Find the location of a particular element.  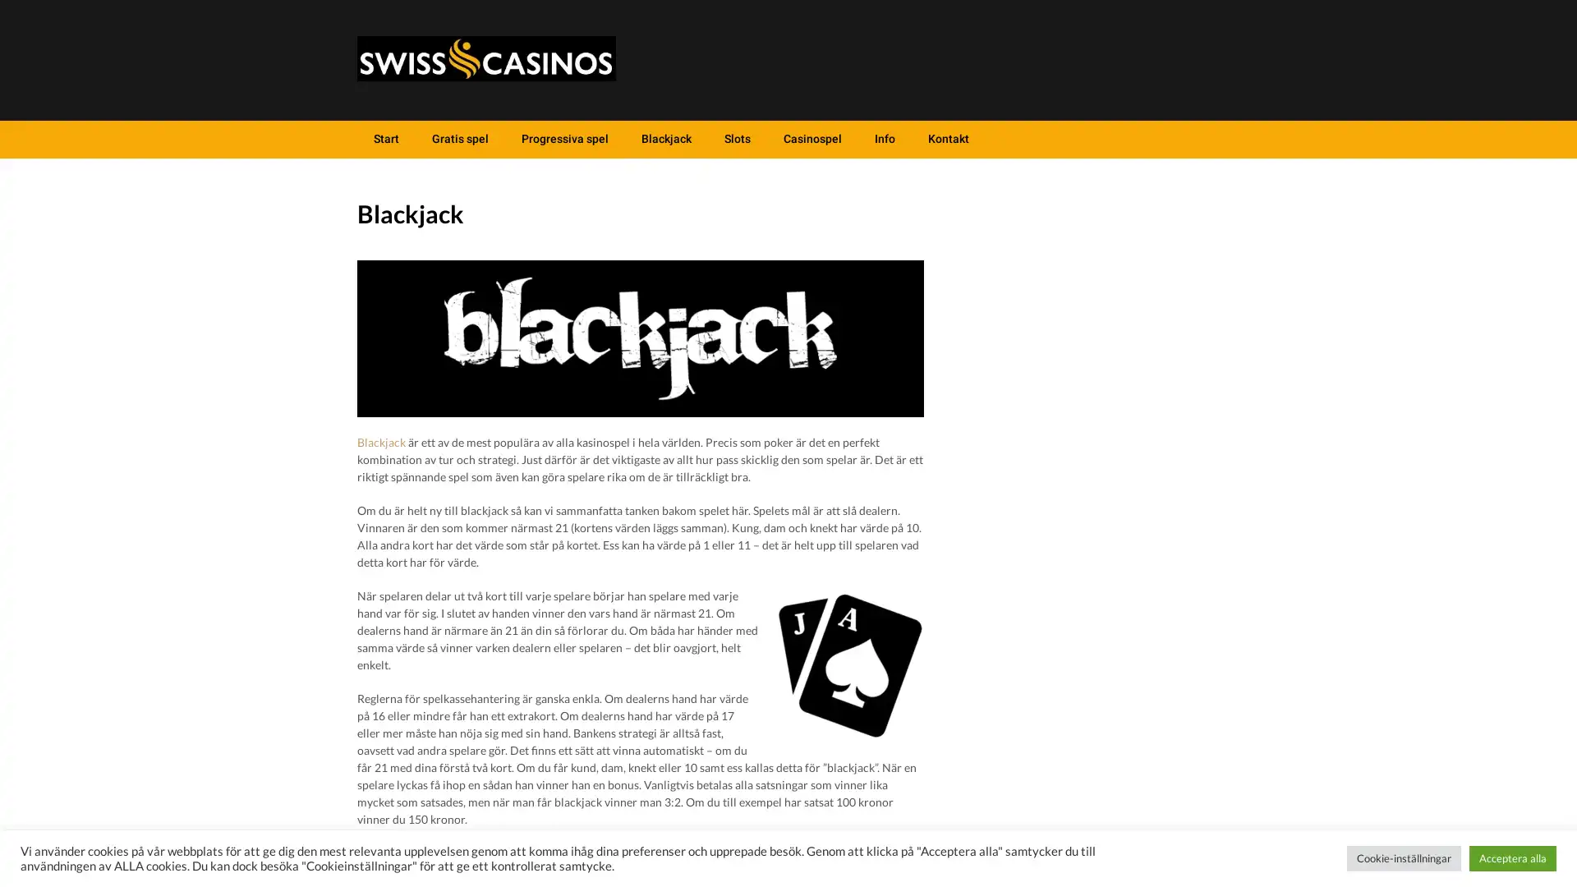

Cookie-installningar is located at coordinates (1403, 857).